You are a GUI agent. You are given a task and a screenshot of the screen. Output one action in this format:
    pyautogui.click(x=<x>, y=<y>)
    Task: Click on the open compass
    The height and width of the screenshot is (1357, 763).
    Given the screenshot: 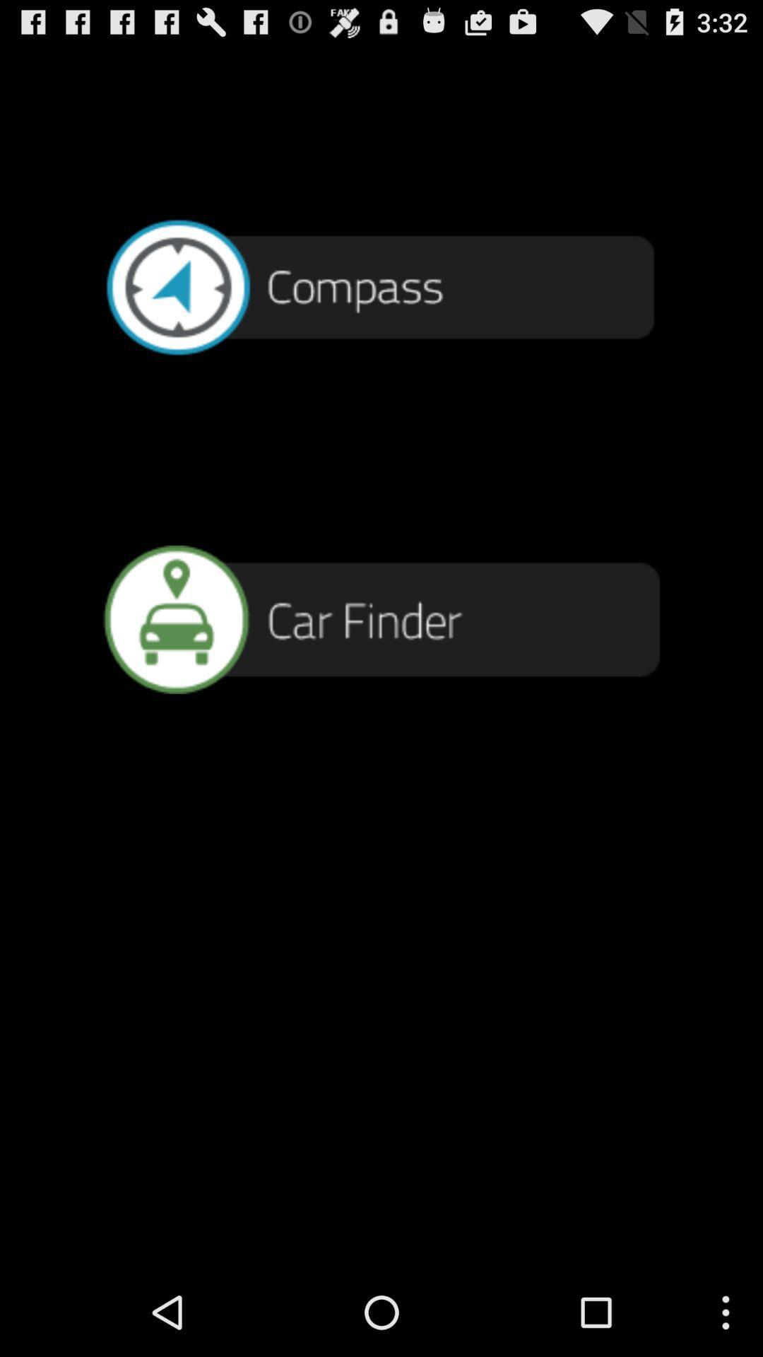 What is the action you would take?
    pyautogui.click(x=381, y=285)
    